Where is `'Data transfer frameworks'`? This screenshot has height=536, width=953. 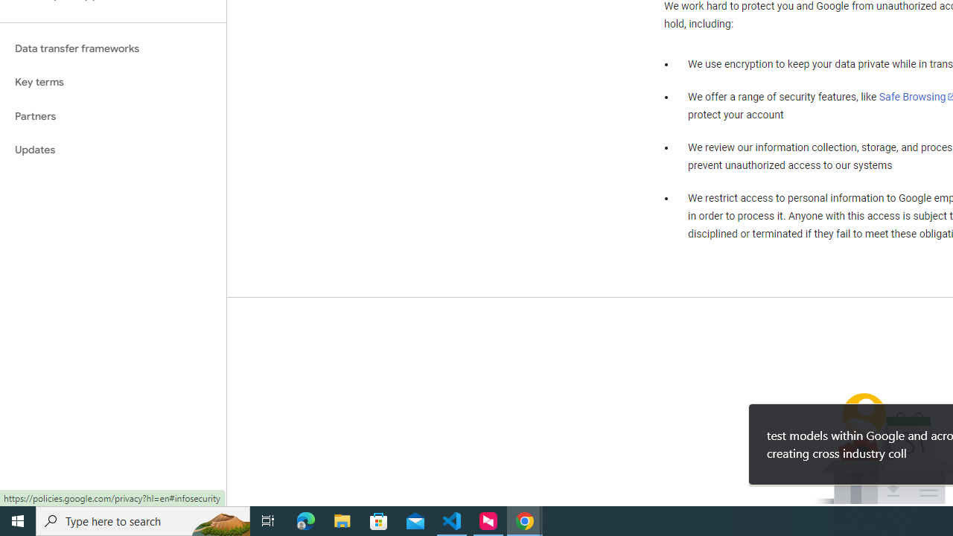 'Data transfer frameworks' is located at coordinates (112, 48).